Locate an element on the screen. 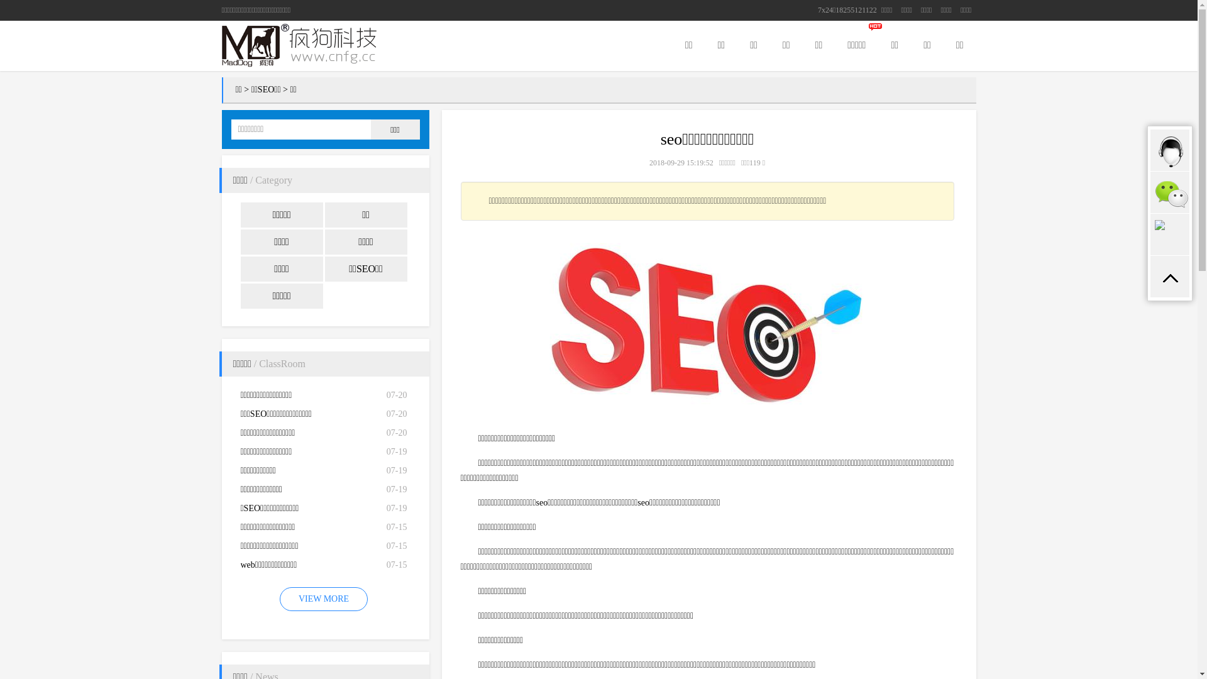 Image resolution: width=1207 pixels, height=679 pixels. 'VIEW MORE' is located at coordinates (323, 598).